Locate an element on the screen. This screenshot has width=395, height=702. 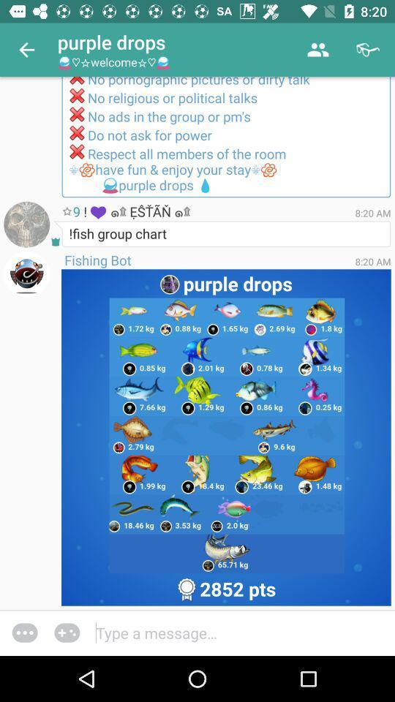
please follow the icon is located at coordinates (226, 137).